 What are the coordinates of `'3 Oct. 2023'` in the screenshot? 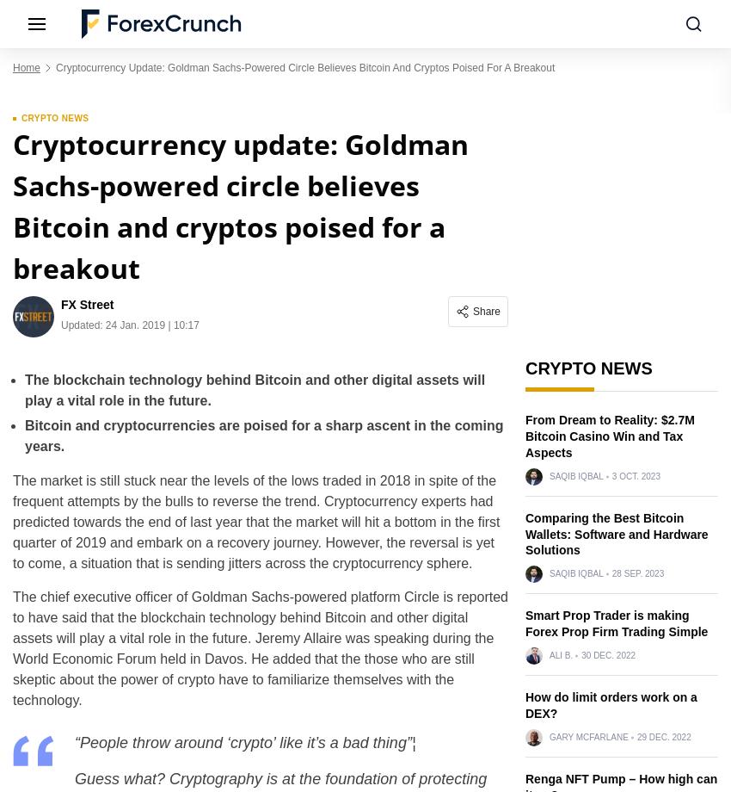 It's located at (635, 475).